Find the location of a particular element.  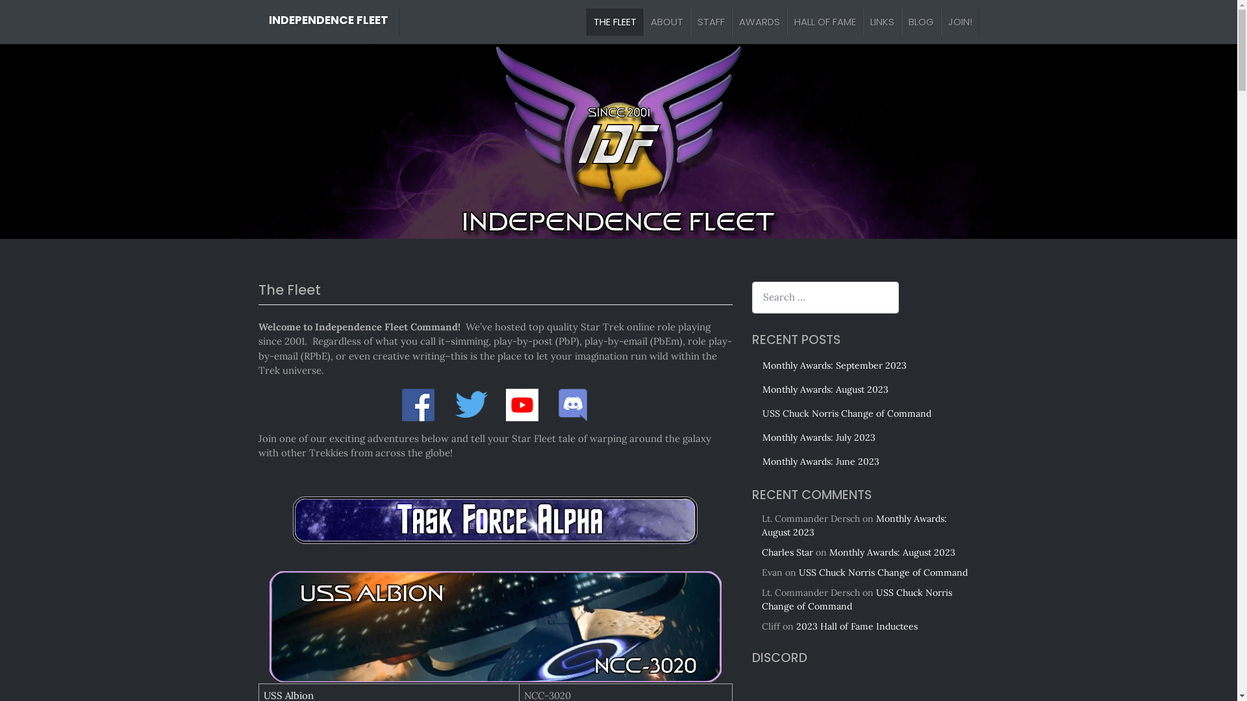

'HALL OF FAME' is located at coordinates (824, 22).